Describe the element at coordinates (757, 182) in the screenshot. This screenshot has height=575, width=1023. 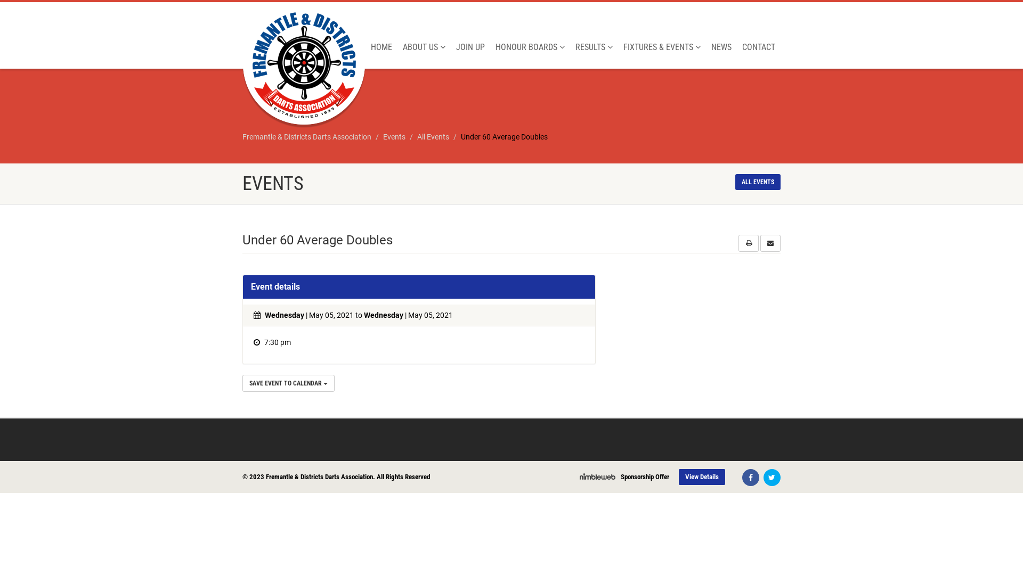
I see `'ALL EVENTS'` at that location.